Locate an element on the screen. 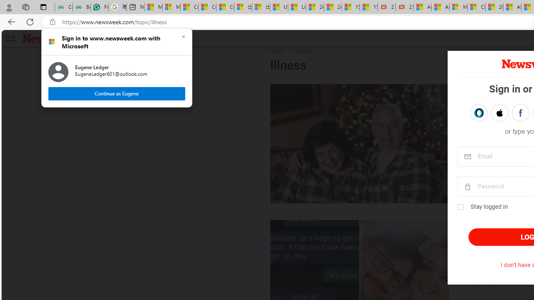 The width and height of the screenshot is (534, 300). '20 Ways to Boost Your Protein Intake at Every Meal' is located at coordinates (494, 7).